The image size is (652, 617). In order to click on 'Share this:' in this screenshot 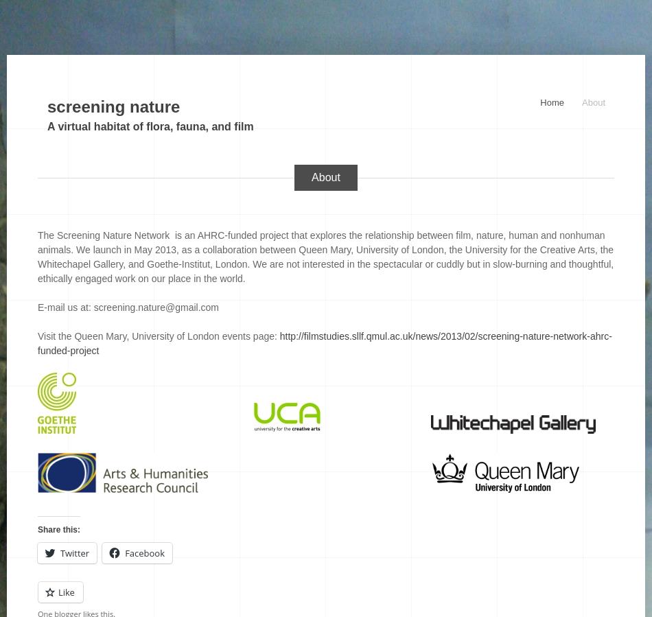, I will do `click(58, 528)`.